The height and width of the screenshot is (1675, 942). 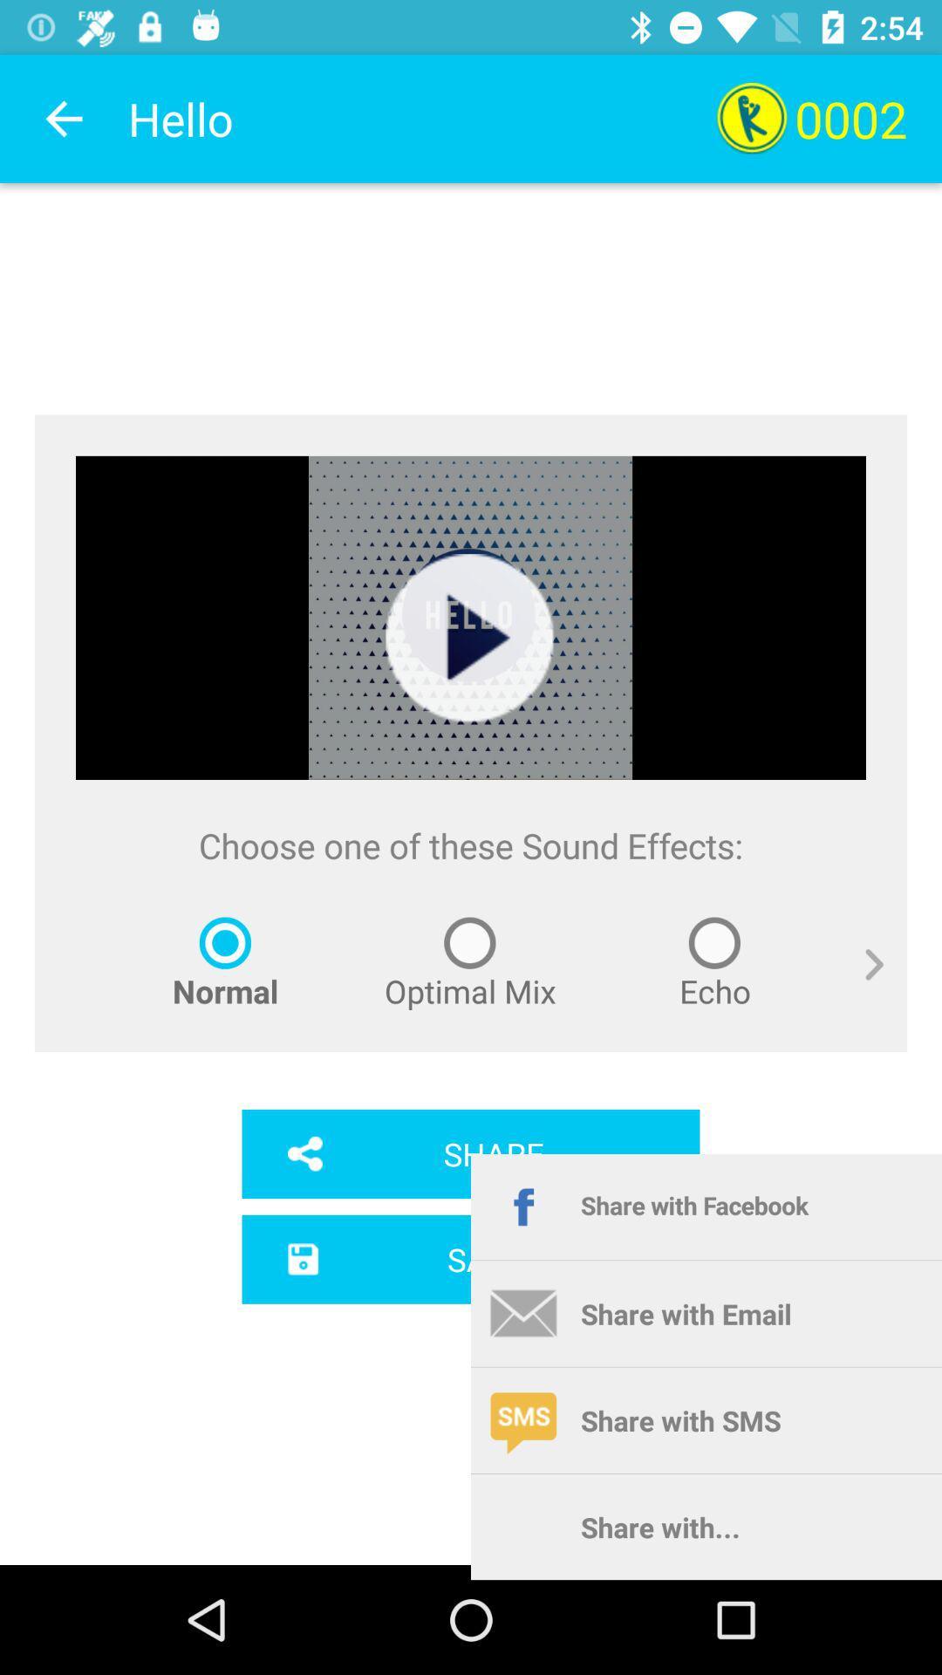 What do you see at coordinates (860, 984) in the screenshot?
I see `icon below the choose one of item` at bounding box center [860, 984].